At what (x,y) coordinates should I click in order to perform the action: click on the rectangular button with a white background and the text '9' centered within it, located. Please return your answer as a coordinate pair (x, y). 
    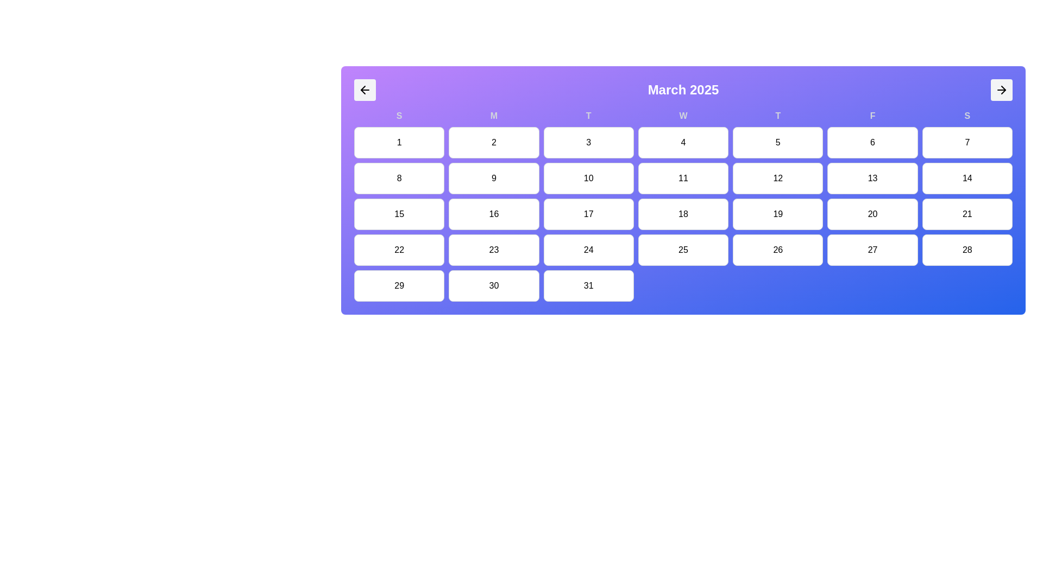
    Looking at the image, I should click on (493, 177).